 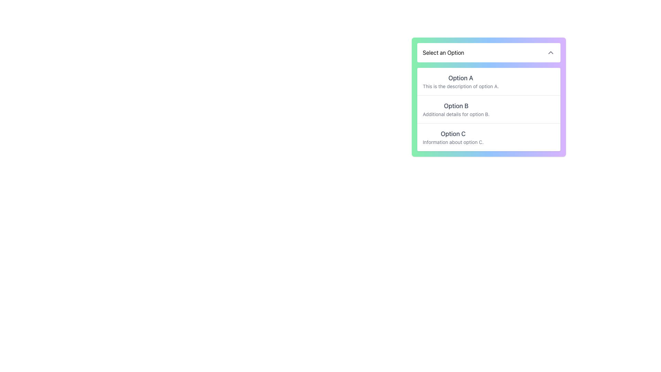 What do you see at coordinates (461, 78) in the screenshot?
I see `the text content of the Text Label that serves as the title for the first selectable option in the dropdown menu` at bounding box center [461, 78].